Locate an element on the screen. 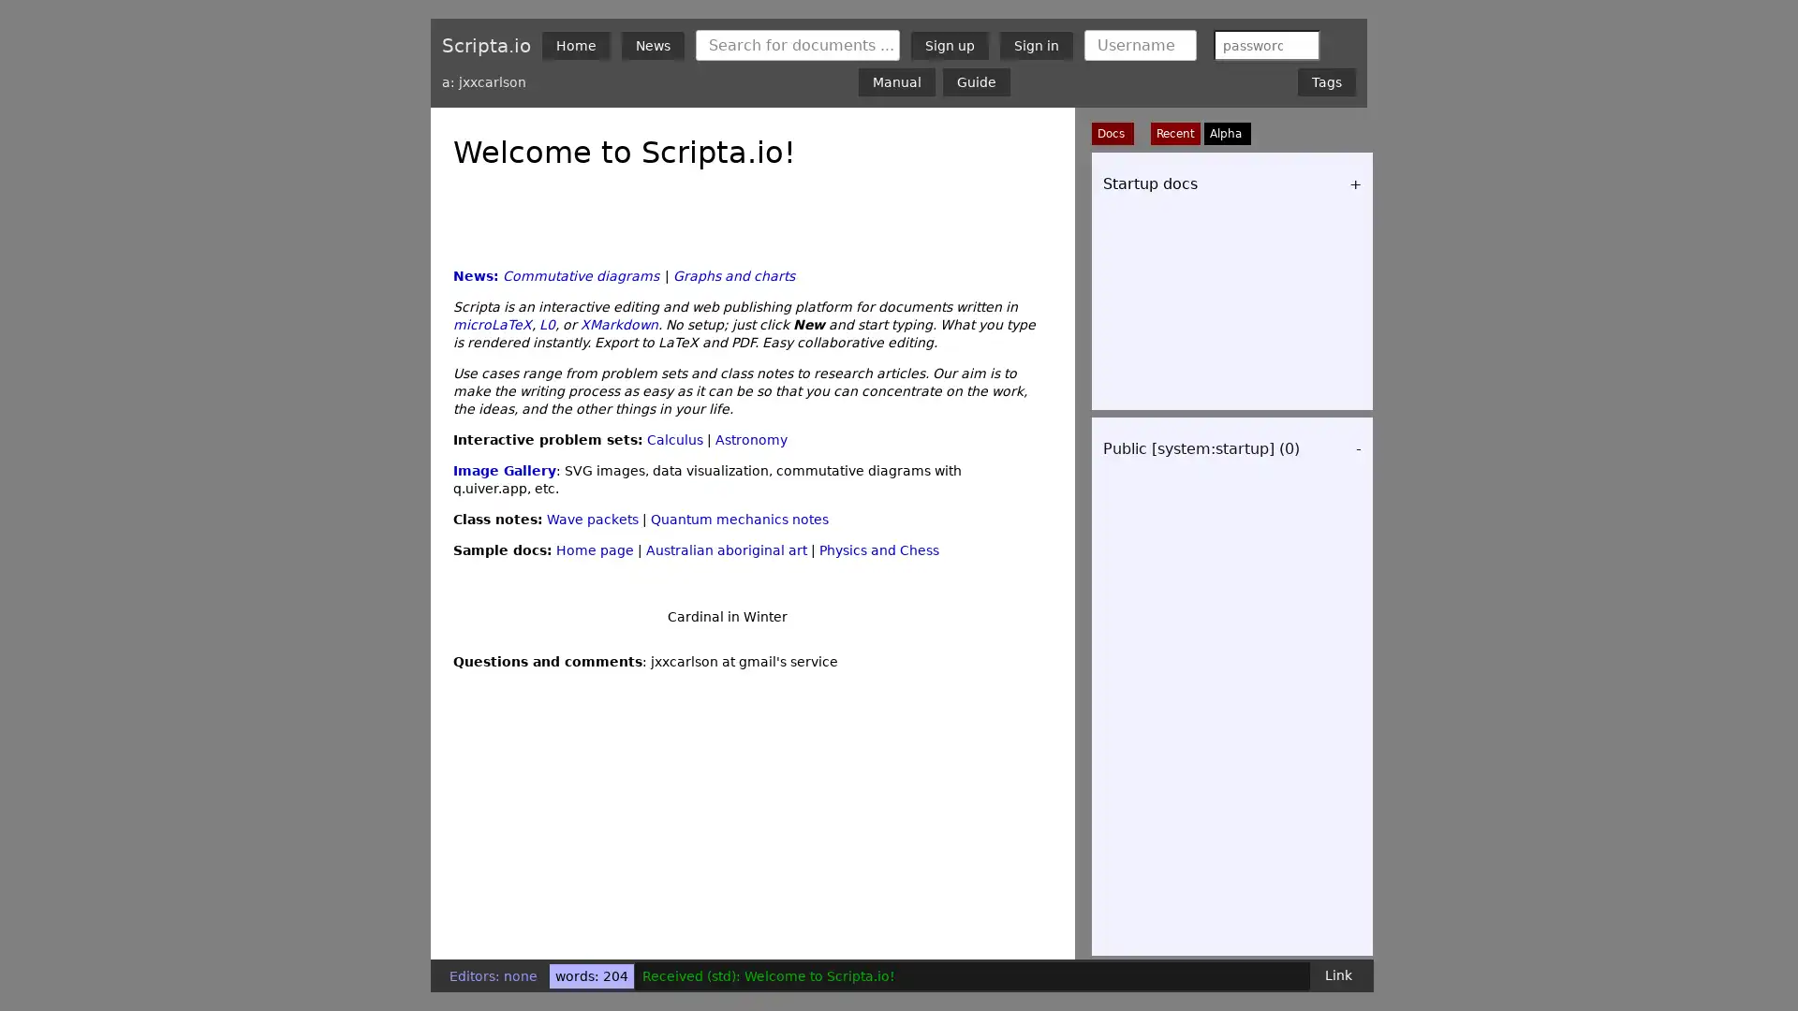 This screenshot has width=1798, height=1011. Sign up is located at coordinates (950, 43).